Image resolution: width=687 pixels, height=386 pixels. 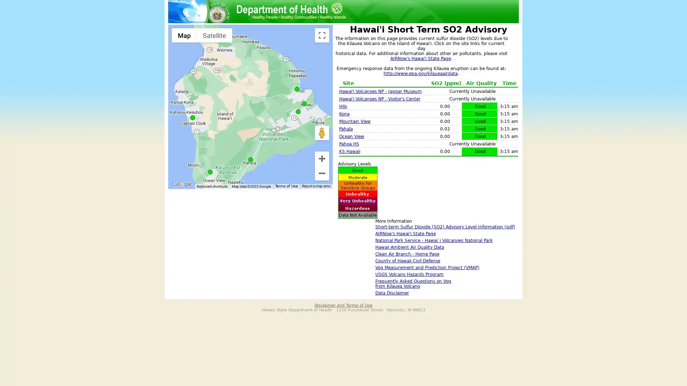 I want to click on Hawaii Volcanoes NP - Visitor's Center: No Data, so click(x=277, y=129).